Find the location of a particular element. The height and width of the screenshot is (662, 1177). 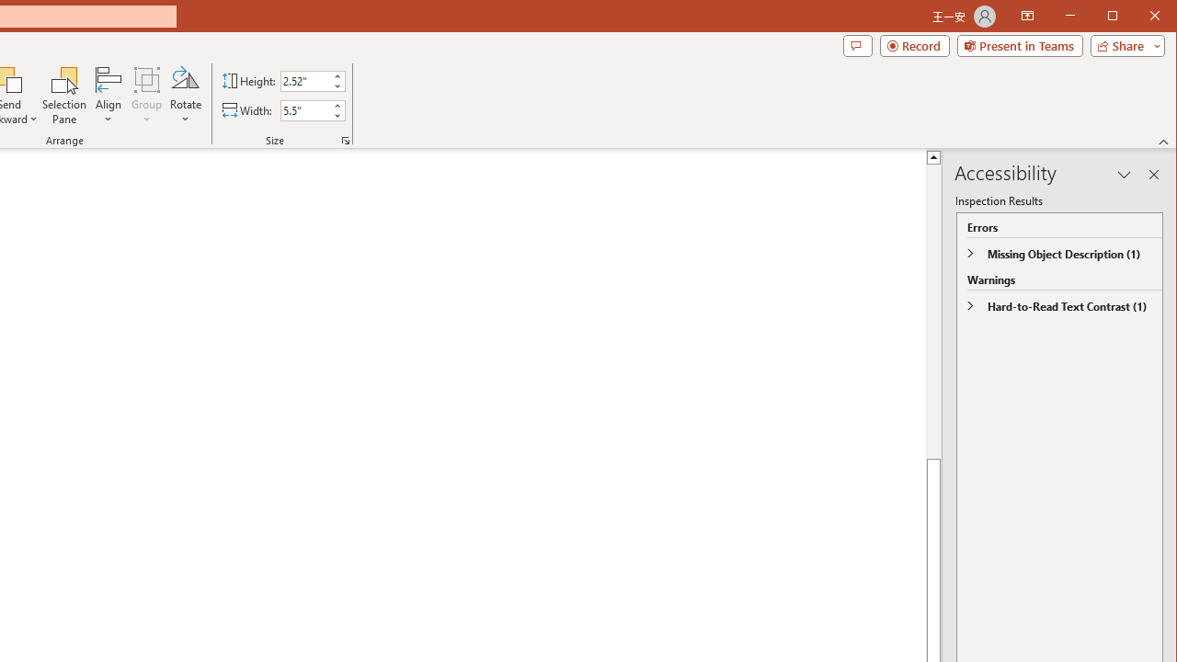

'Shape Height' is located at coordinates (305, 80).